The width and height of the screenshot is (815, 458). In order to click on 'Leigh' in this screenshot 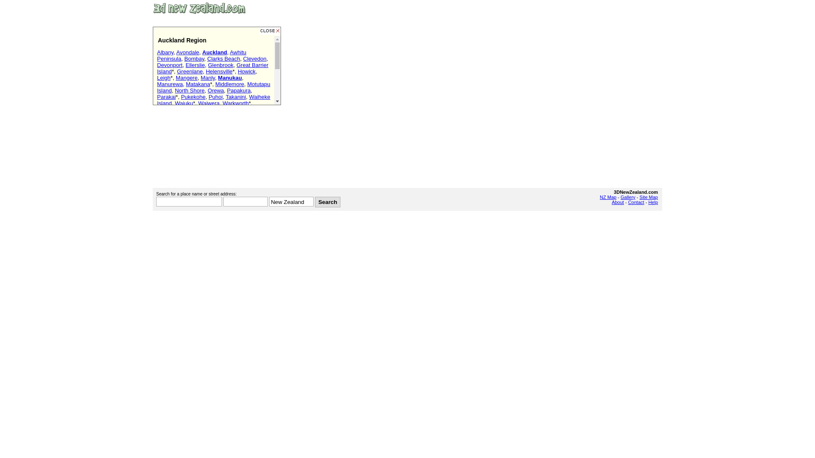, I will do `click(163, 78)`.